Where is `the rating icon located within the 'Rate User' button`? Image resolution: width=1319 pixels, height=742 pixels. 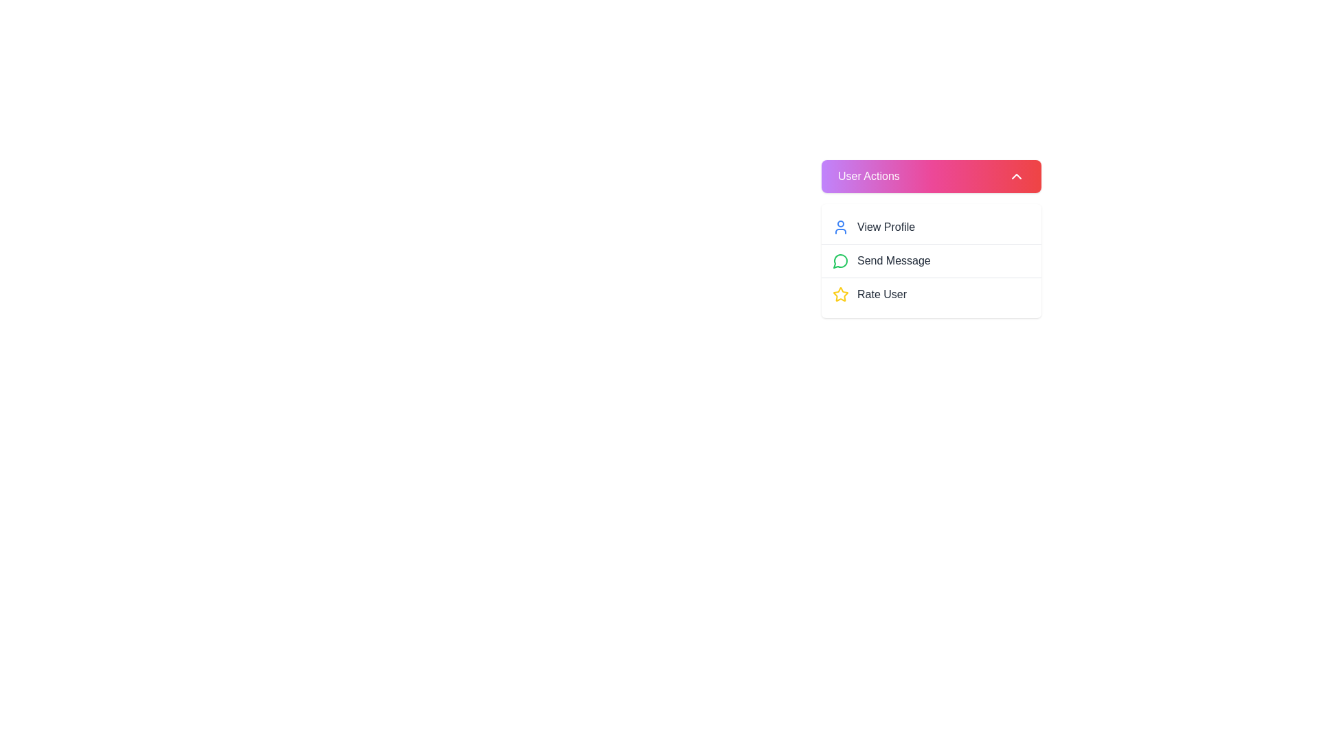 the rating icon located within the 'Rate User' button is located at coordinates (840, 293).